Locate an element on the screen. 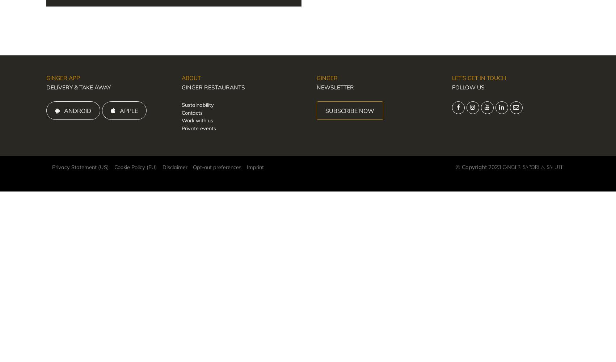 This screenshot has width=616, height=362. 'APPLE' is located at coordinates (127, 110).